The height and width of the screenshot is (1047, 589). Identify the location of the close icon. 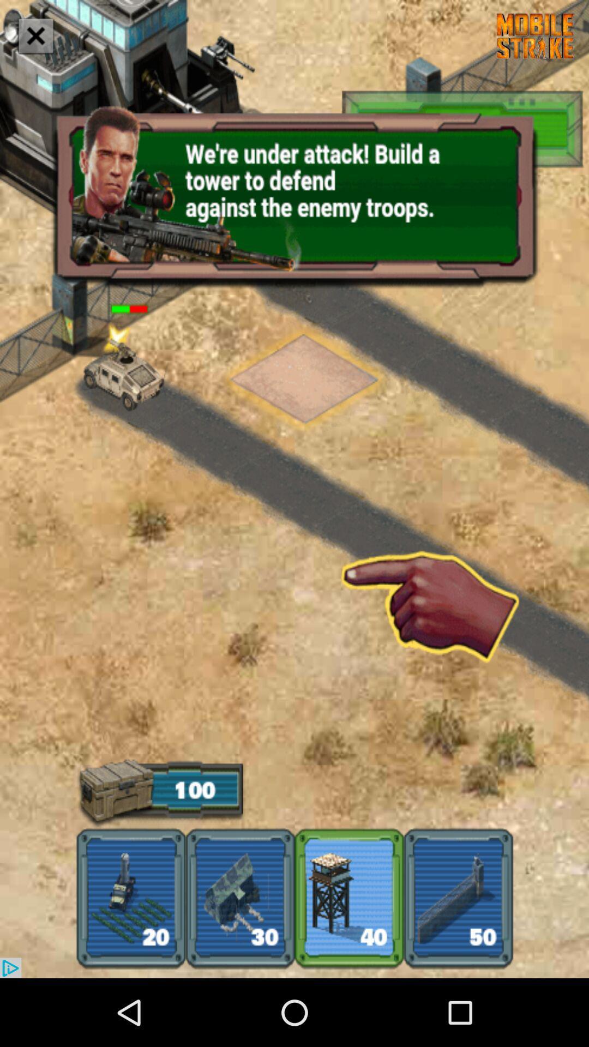
(50, 53).